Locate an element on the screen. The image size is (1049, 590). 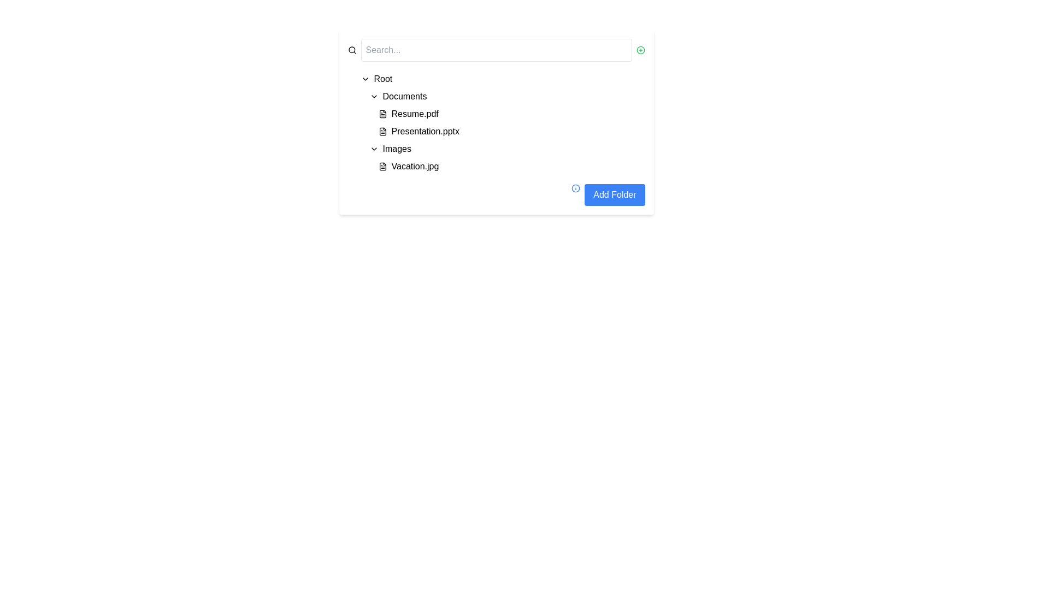
the text input field located centrally within the horizontal bar at the top of the layout is located at coordinates (496, 50).